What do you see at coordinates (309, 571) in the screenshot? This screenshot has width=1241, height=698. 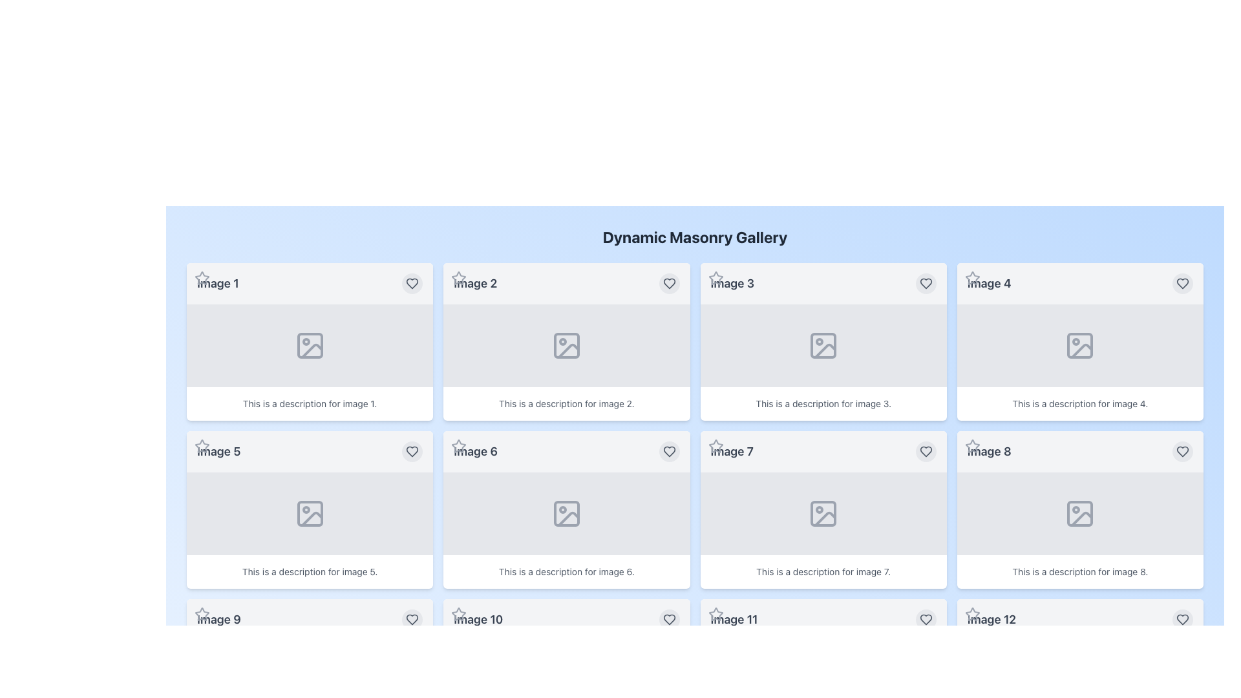 I see `the descriptive label text block located at the bottom of the card labeled 'Image 5' in the second row, first column of the grid` at bounding box center [309, 571].